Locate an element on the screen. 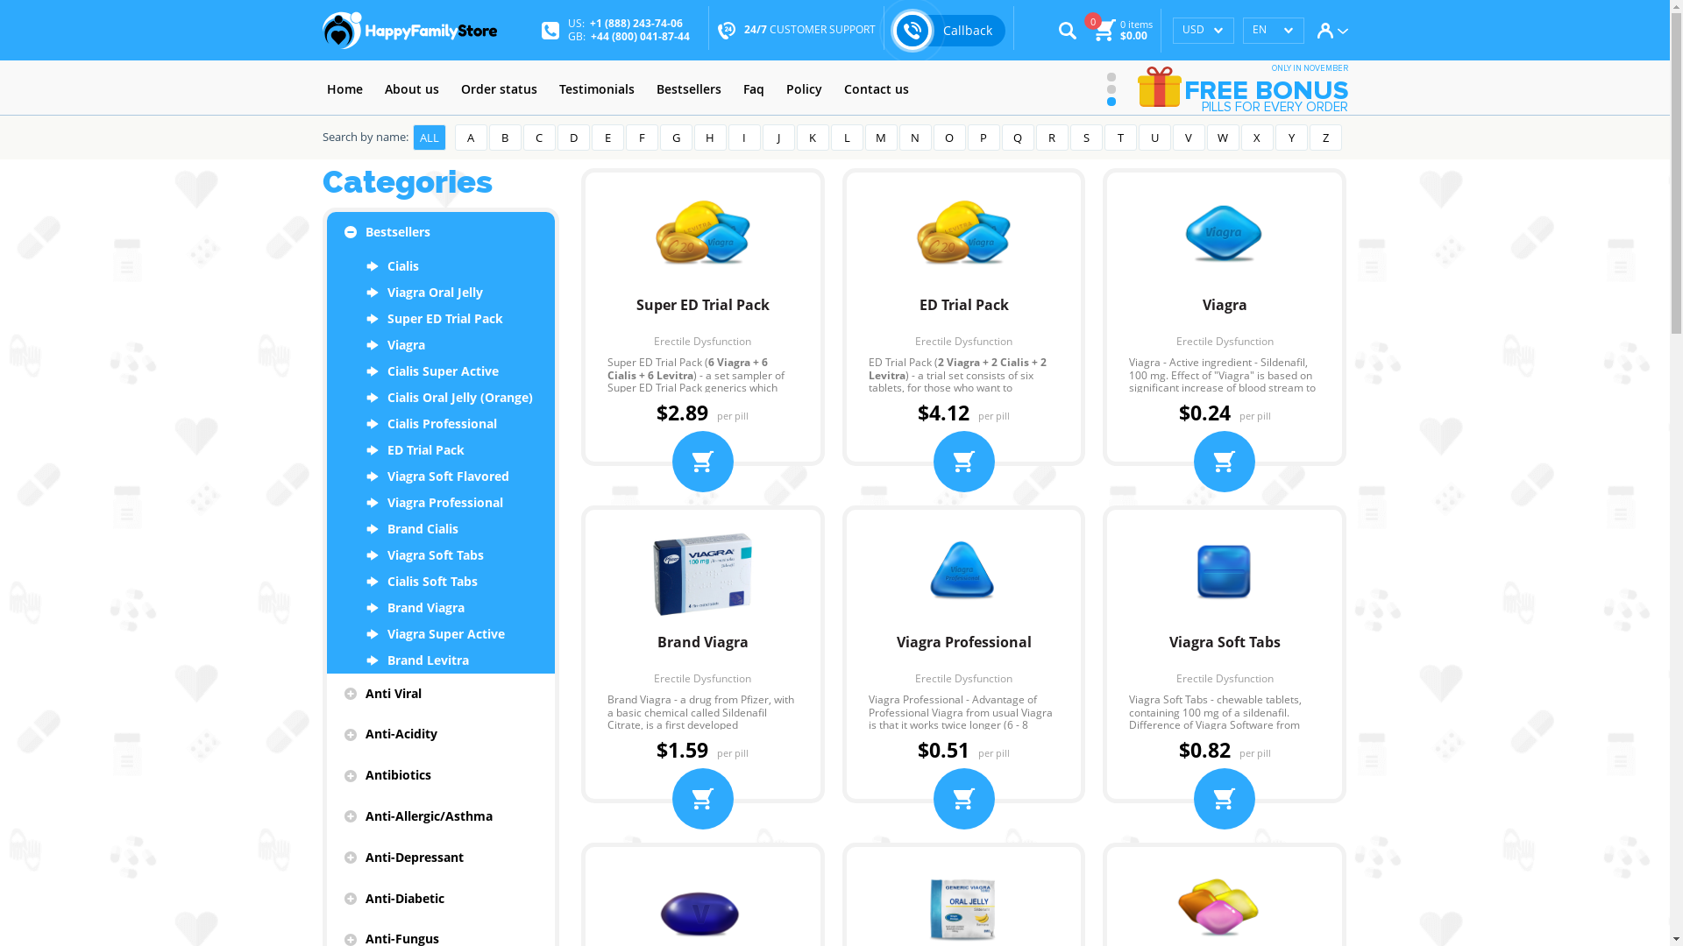 Image resolution: width=1683 pixels, height=946 pixels. 'R' is located at coordinates (1052, 137).